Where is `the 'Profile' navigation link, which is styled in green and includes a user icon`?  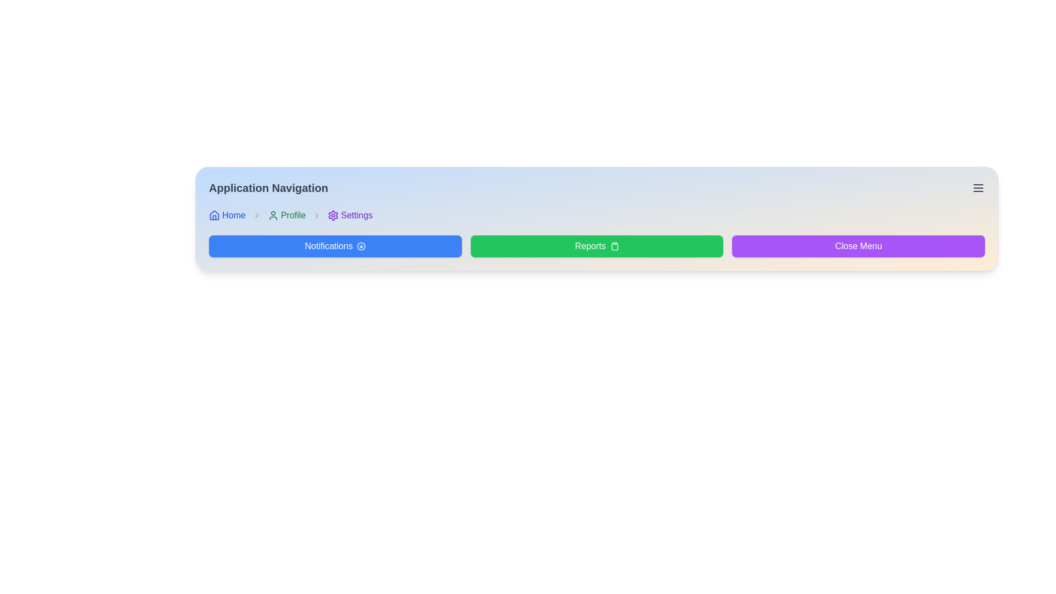 the 'Profile' navigation link, which is styled in green and includes a user icon is located at coordinates (287, 216).